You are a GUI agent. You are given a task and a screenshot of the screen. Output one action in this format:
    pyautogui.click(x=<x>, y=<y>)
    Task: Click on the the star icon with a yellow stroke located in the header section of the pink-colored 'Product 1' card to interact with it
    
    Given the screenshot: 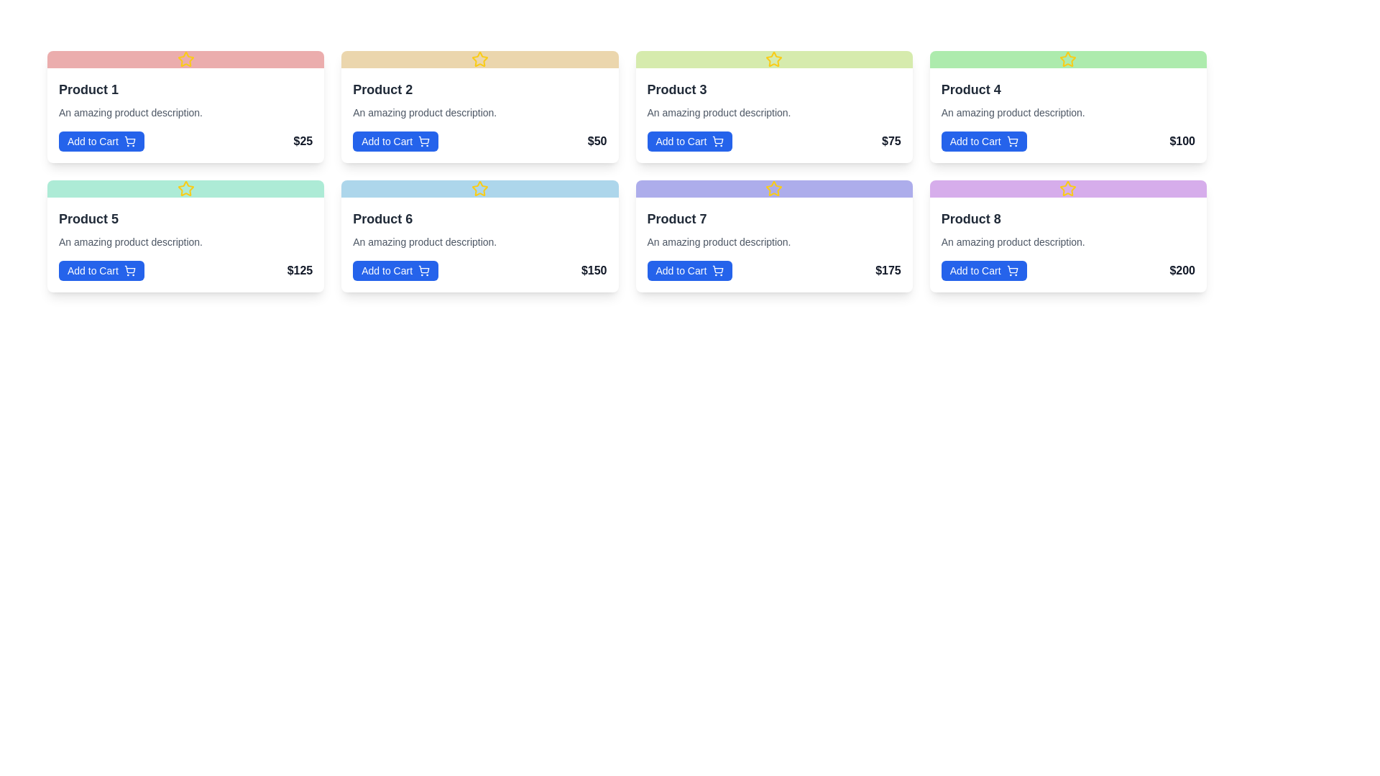 What is the action you would take?
    pyautogui.click(x=185, y=58)
    